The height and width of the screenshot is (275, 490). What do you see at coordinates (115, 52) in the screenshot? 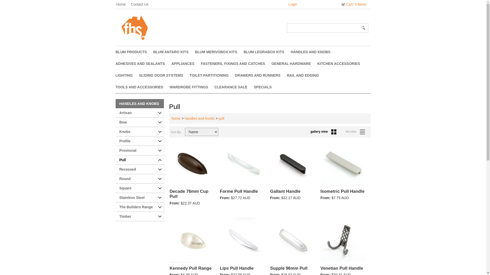
I see `'BLUM PRODUCTS'` at bounding box center [115, 52].